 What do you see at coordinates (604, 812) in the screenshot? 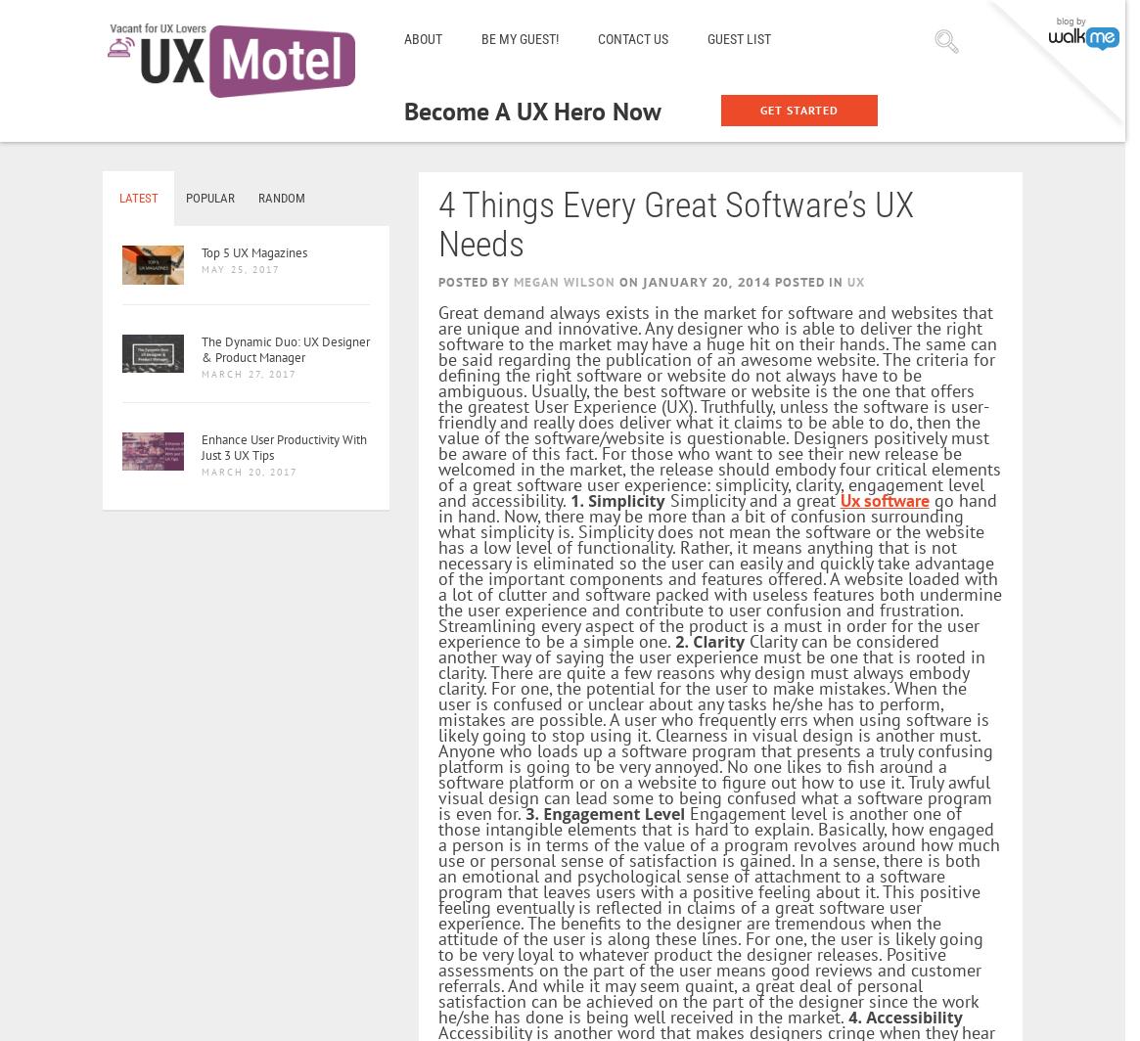
I see `'3. Engagement Level'` at bounding box center [604, 812].